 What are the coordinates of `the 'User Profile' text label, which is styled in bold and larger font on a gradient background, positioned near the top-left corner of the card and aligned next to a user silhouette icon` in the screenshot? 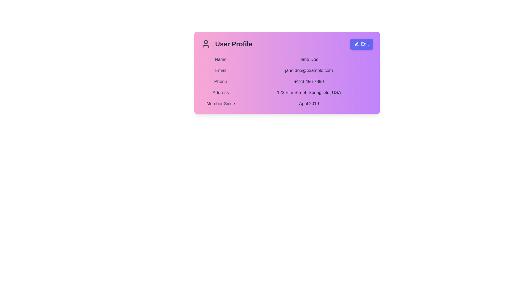 It's located at (234, 44).